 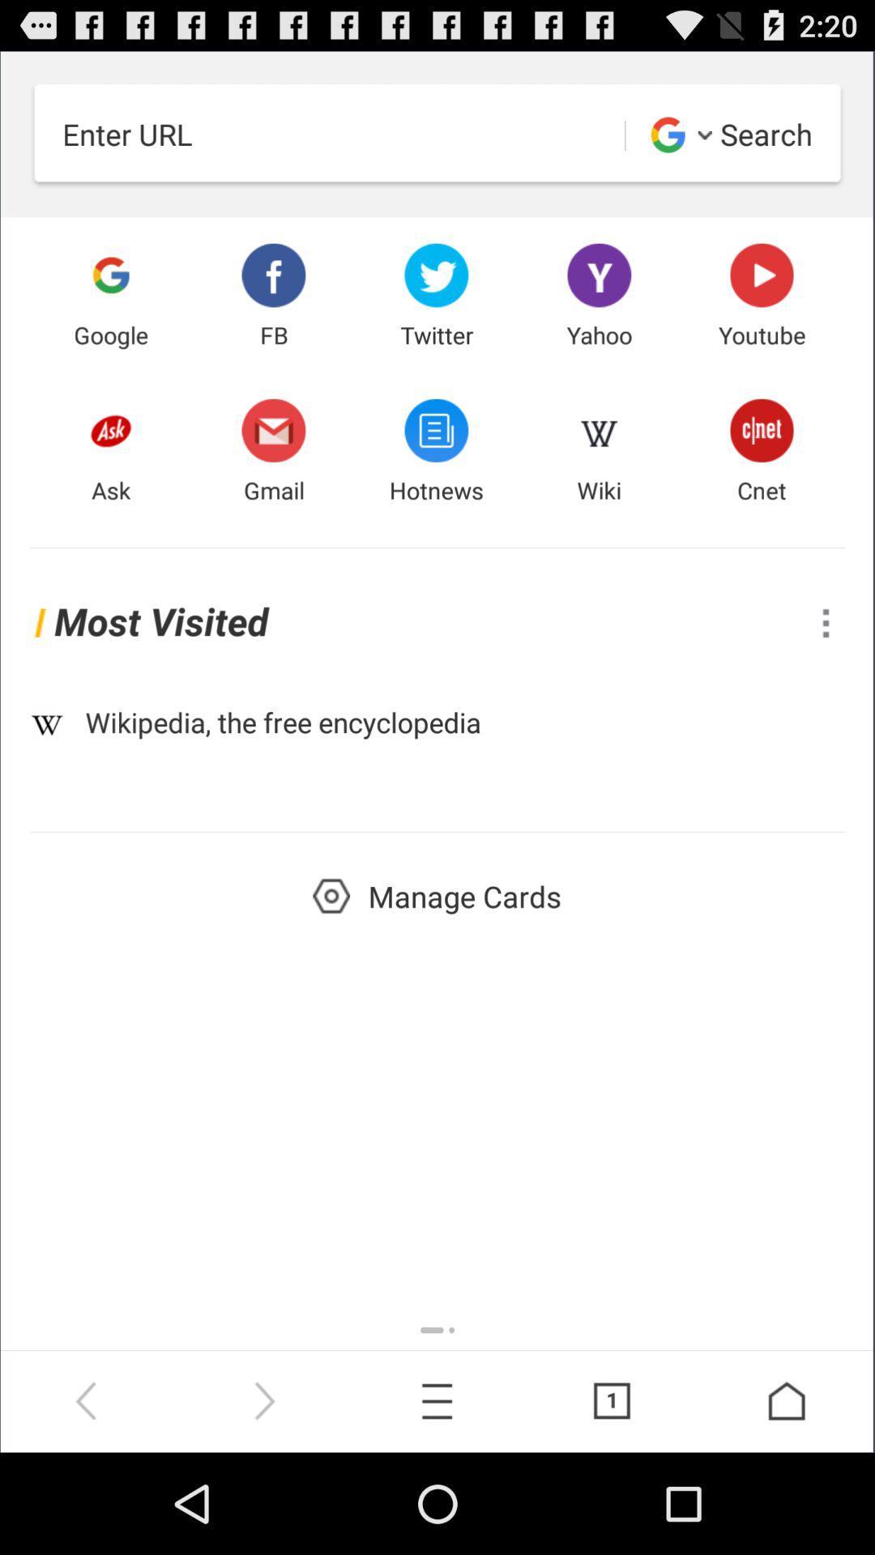 What do you see at coordinates (437, 1499) in the screenshot?
I see `the menu icon` at bounding box center [437, 1499].